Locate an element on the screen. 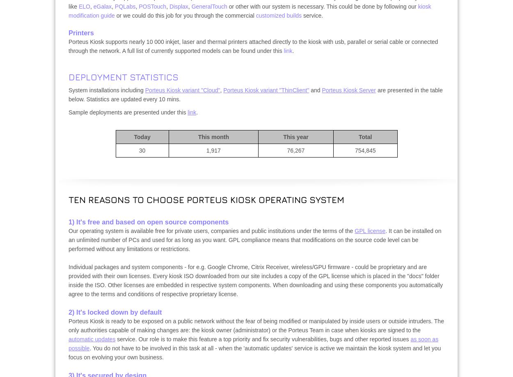  'Porteus Kiosk Server' is located at coordinates (348, 90).